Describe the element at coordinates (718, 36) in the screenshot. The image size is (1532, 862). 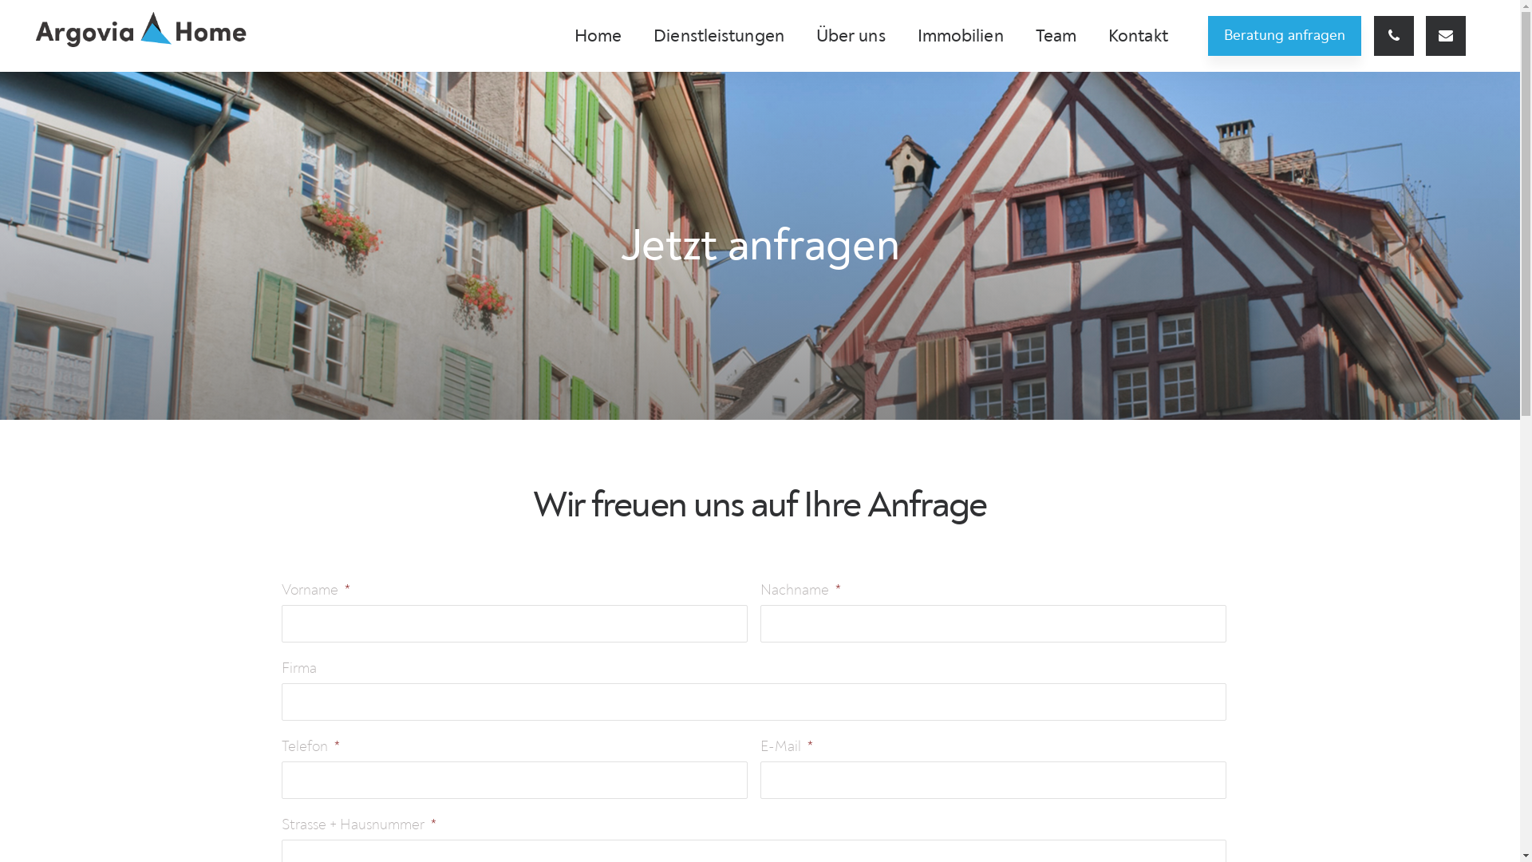
I see `'Dienstleistungen'` at that location.